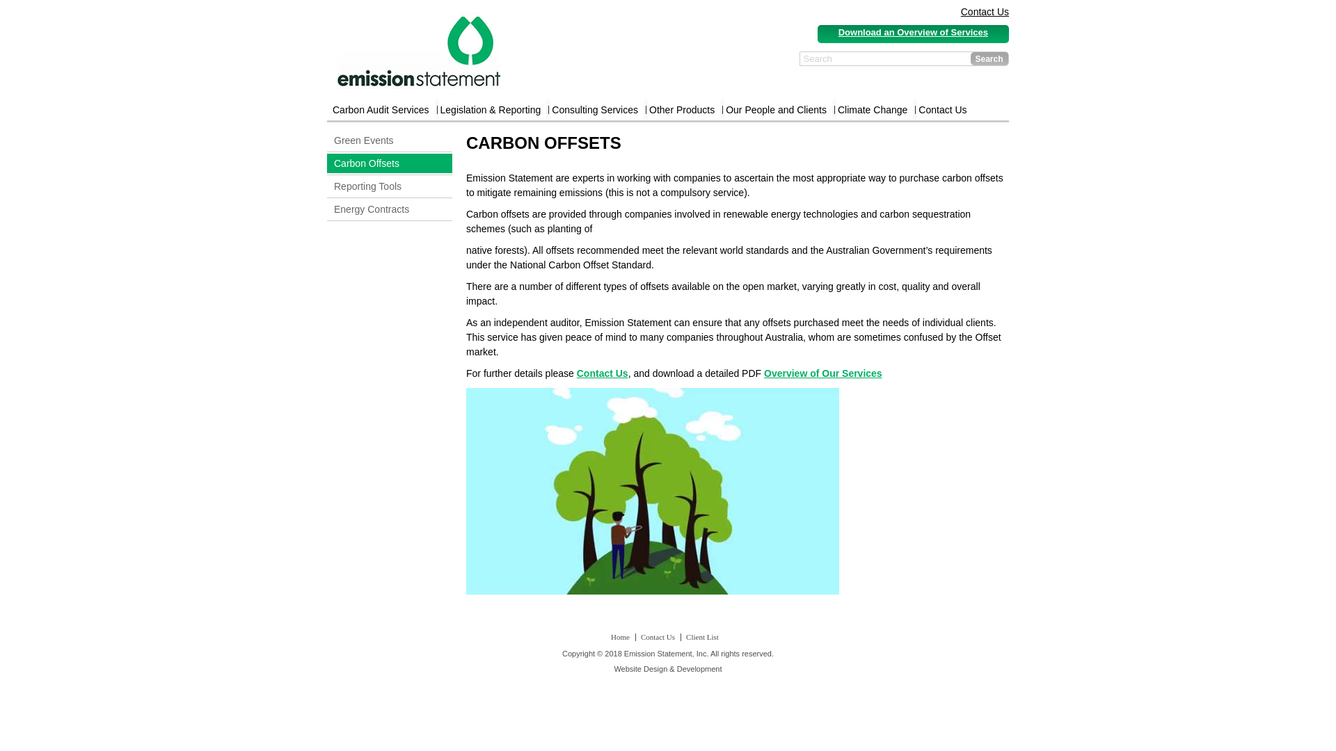 Image resolution: width=1336 pixels, height=751 pixels. I want to click on 'Reporting Tools', so click(390, 185).